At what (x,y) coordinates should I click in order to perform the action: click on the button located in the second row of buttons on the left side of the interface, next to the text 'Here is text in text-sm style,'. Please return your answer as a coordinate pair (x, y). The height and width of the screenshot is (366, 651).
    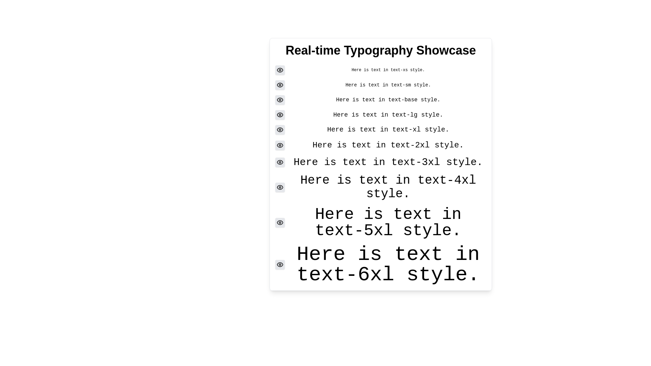
    Looking at the image, I should click on (280, 84).